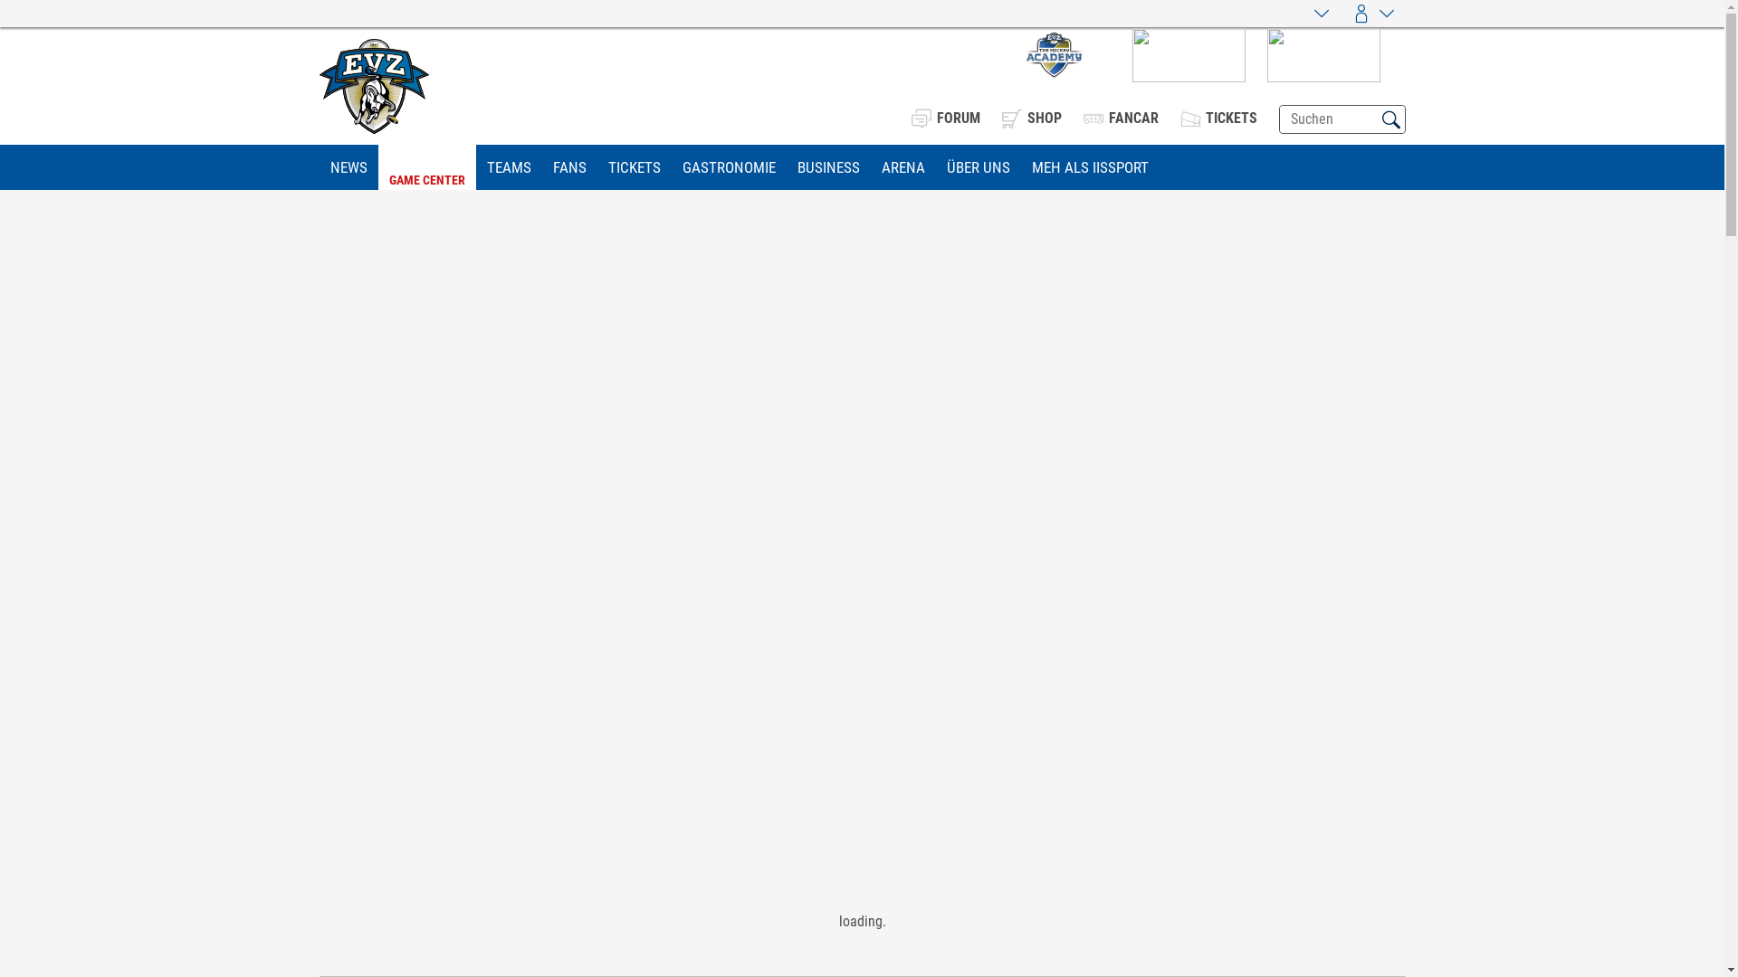 The width and height of the screenshot is (1738, 977). Describe the element at coordinates (508, 167) in the screenshot. I see `'TEAMS'` at that location.